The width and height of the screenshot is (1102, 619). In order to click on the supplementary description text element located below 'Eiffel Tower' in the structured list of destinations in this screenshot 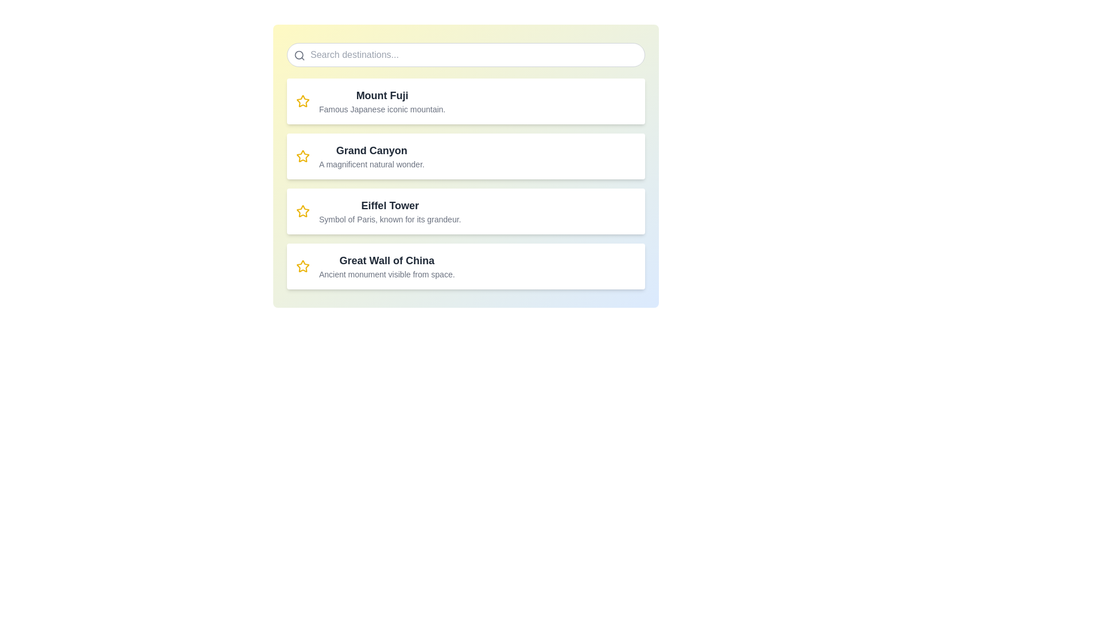, I will do `click(390, 219)`.